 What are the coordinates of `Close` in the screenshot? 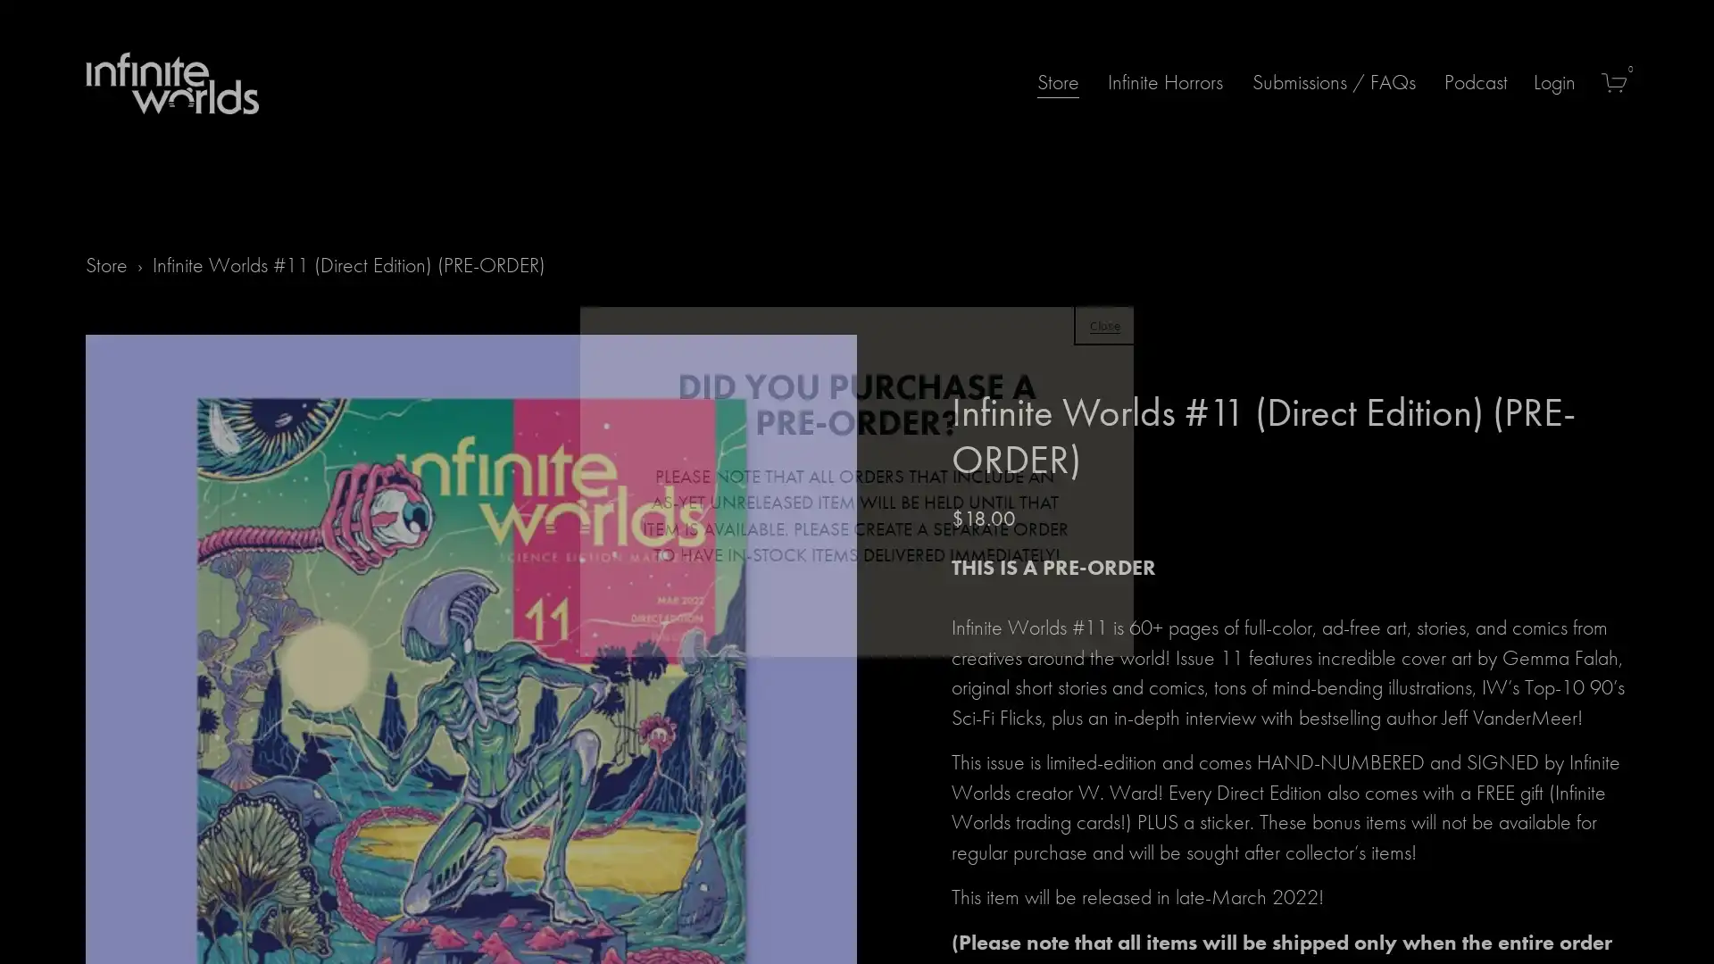 It's located at (1104, 323).